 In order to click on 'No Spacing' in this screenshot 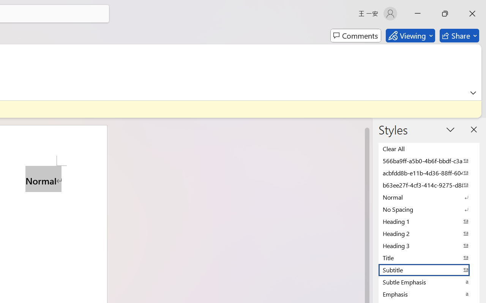, I will do `click(429, 209)`.